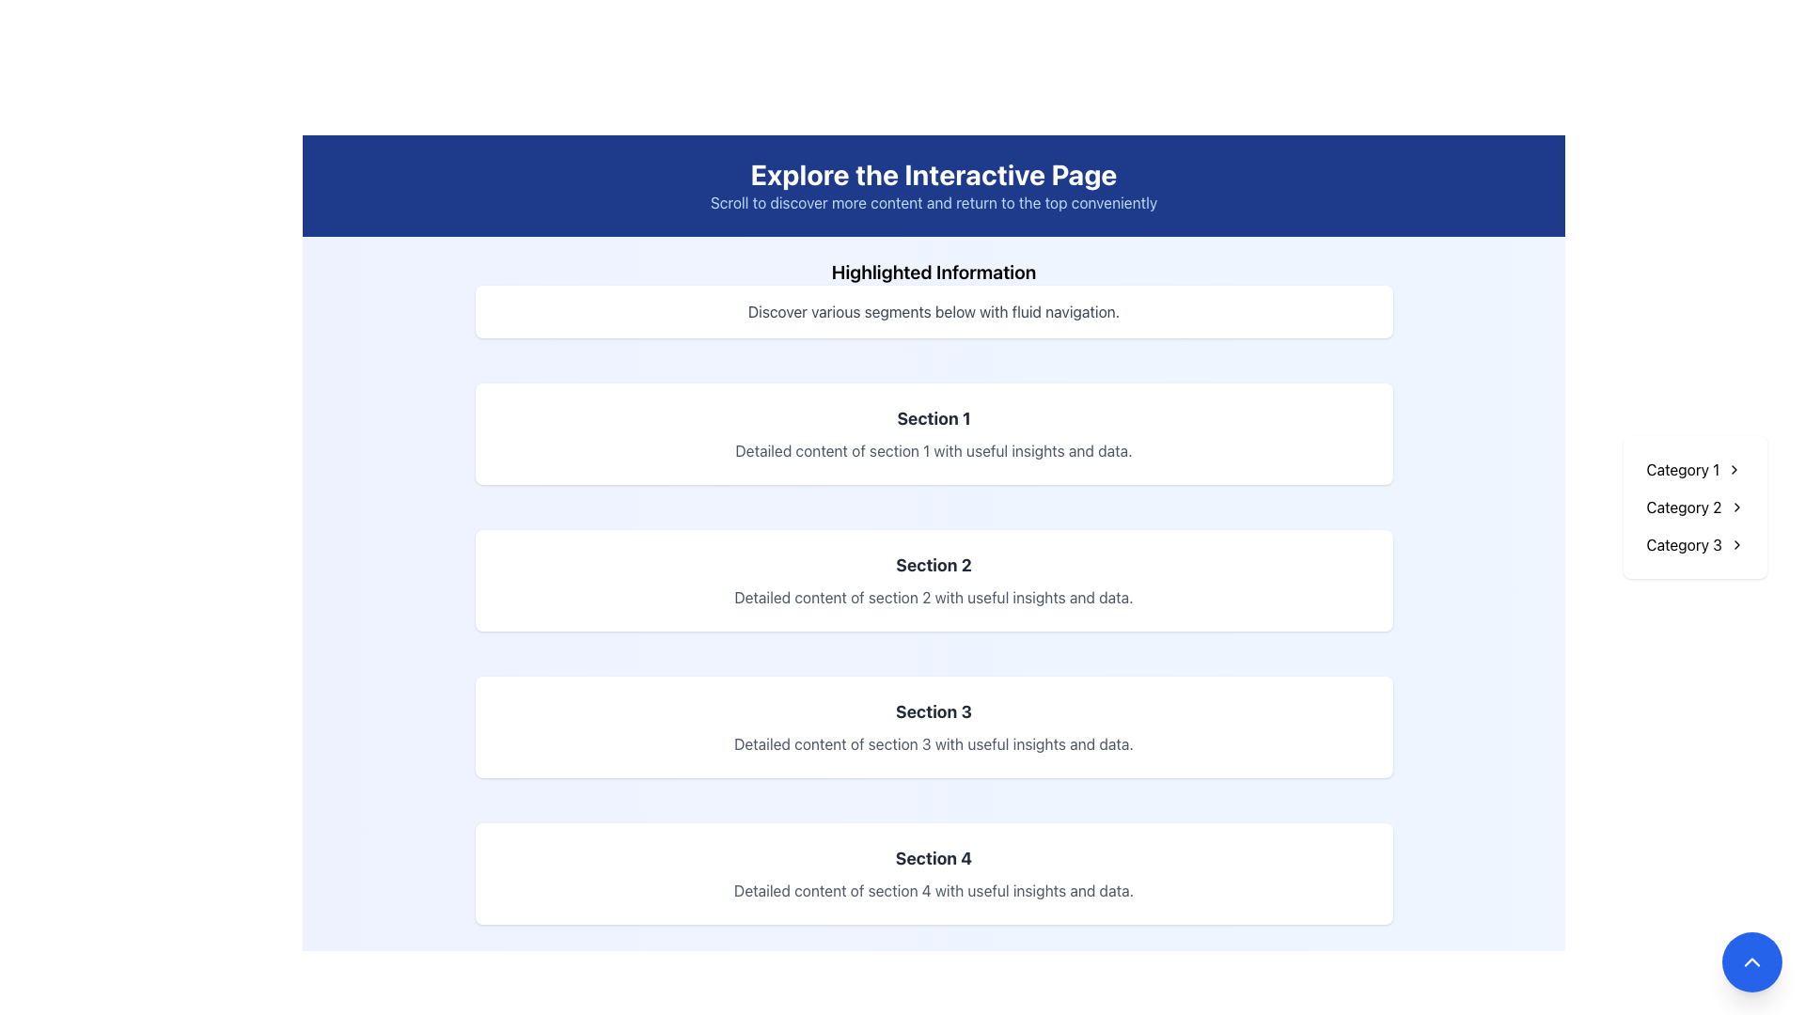 The width and height of the screenshot is (1805, 1015). What do you see at coordinates (934, 598) in the screenshot?
I see `the static text component that reads 'Detailed content of section 2 with useful insights and data.' located at the center of the white card labeled 'Section 2'` at bounding box center [934, 598].